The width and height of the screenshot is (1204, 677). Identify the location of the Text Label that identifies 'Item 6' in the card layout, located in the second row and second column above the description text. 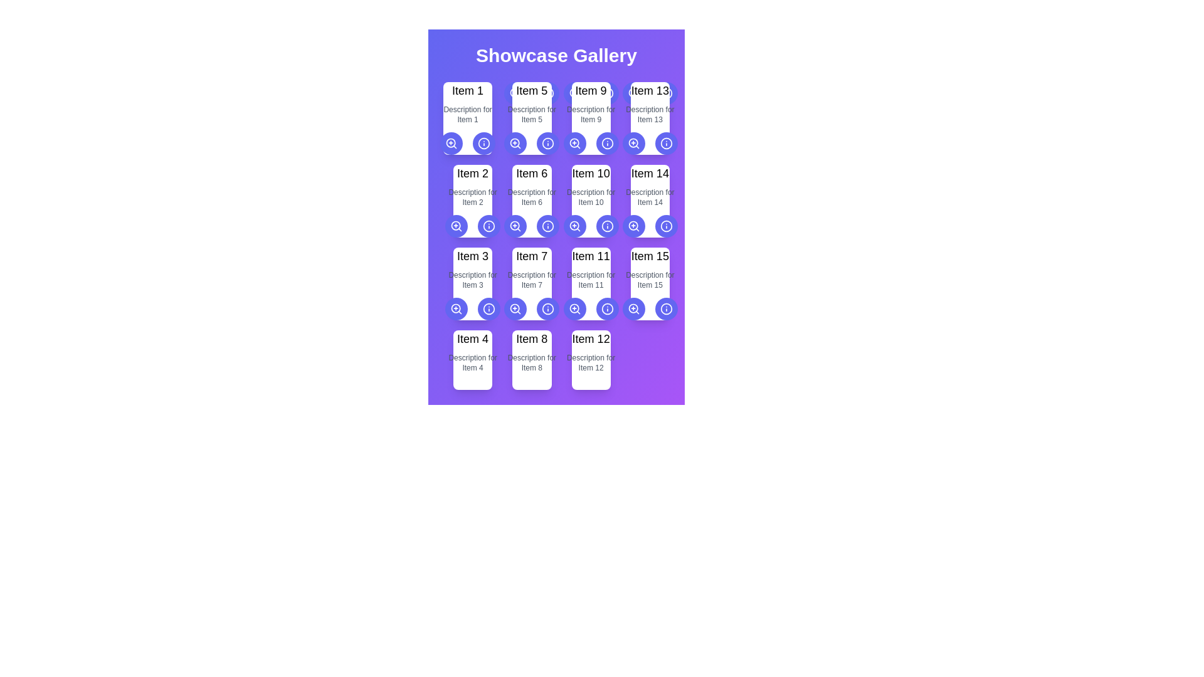
(532, 174).